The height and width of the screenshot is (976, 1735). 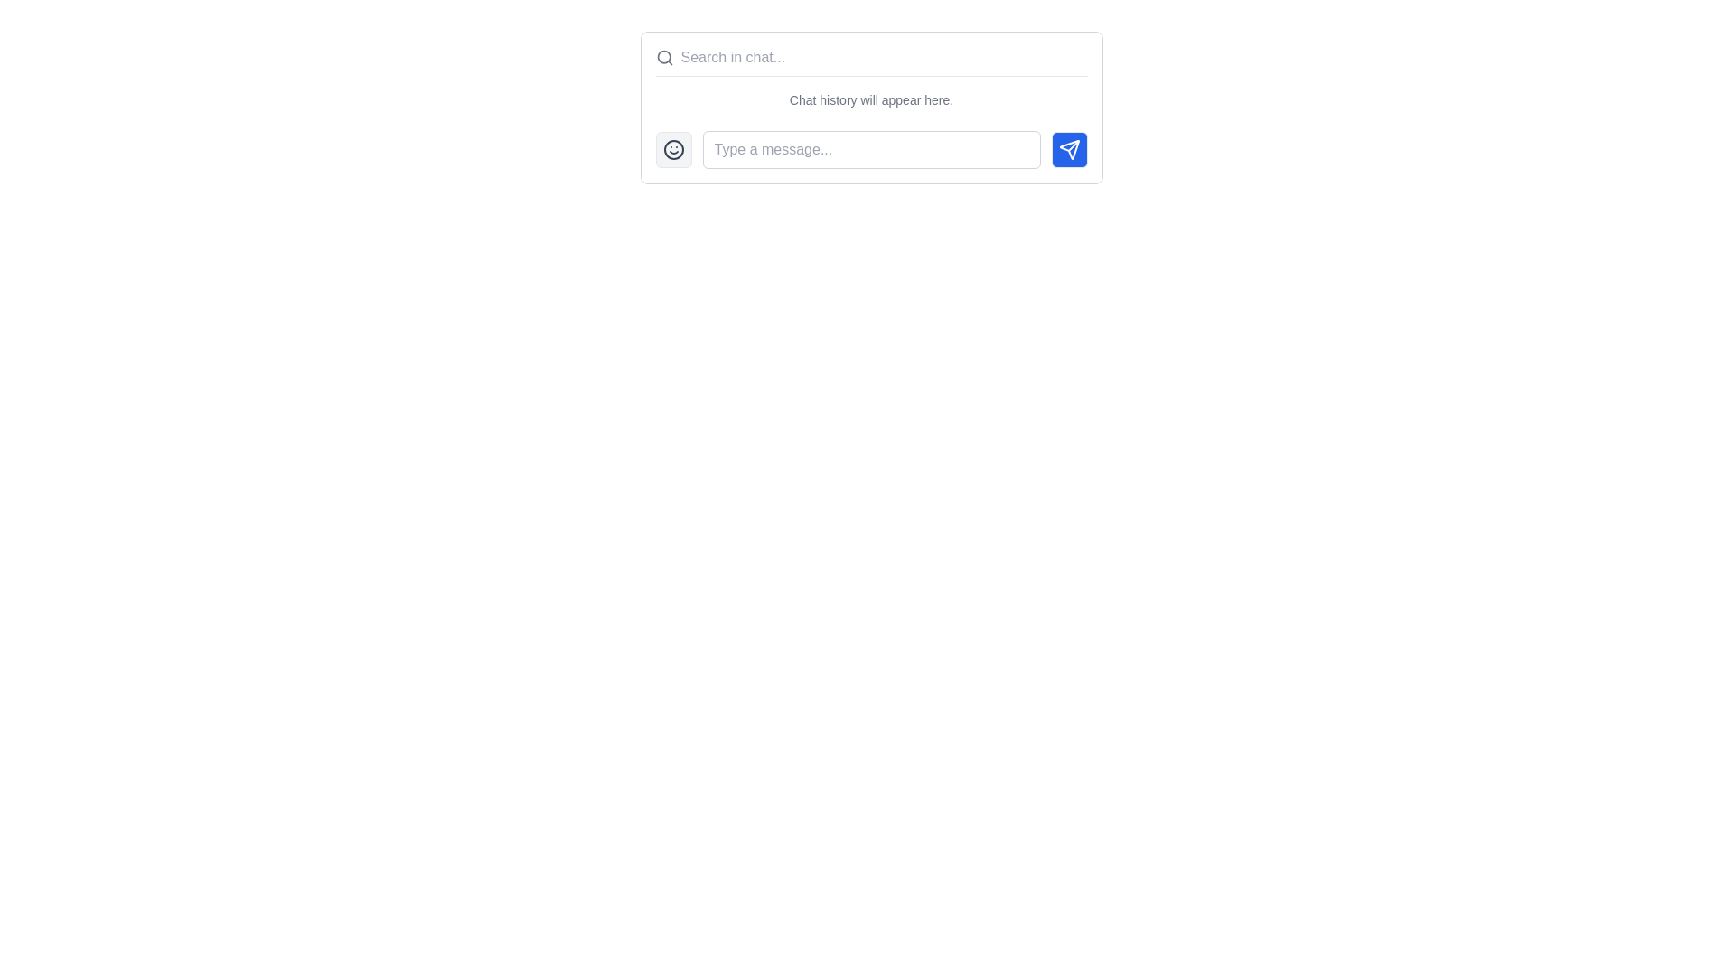 I want to click on the emoji picker button located to the far left of the horizontal group of UI components, preceding the text input field, so click(x=672, y=148).